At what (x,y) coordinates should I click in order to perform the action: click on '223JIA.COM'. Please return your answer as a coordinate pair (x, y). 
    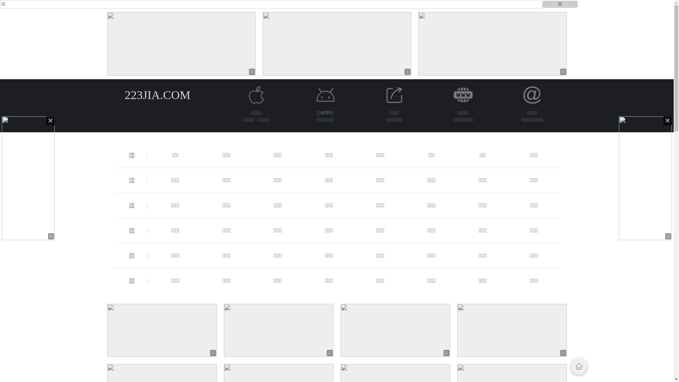
    Looking at the image, I should click on (157, 94).